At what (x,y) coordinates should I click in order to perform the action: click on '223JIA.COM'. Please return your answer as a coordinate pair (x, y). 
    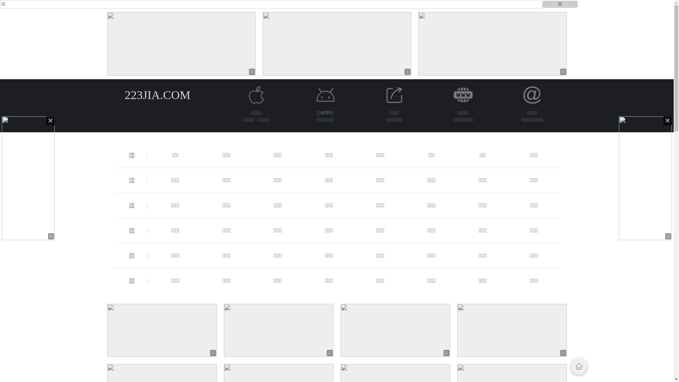
    Looking at the image, I should click on (157, 94).